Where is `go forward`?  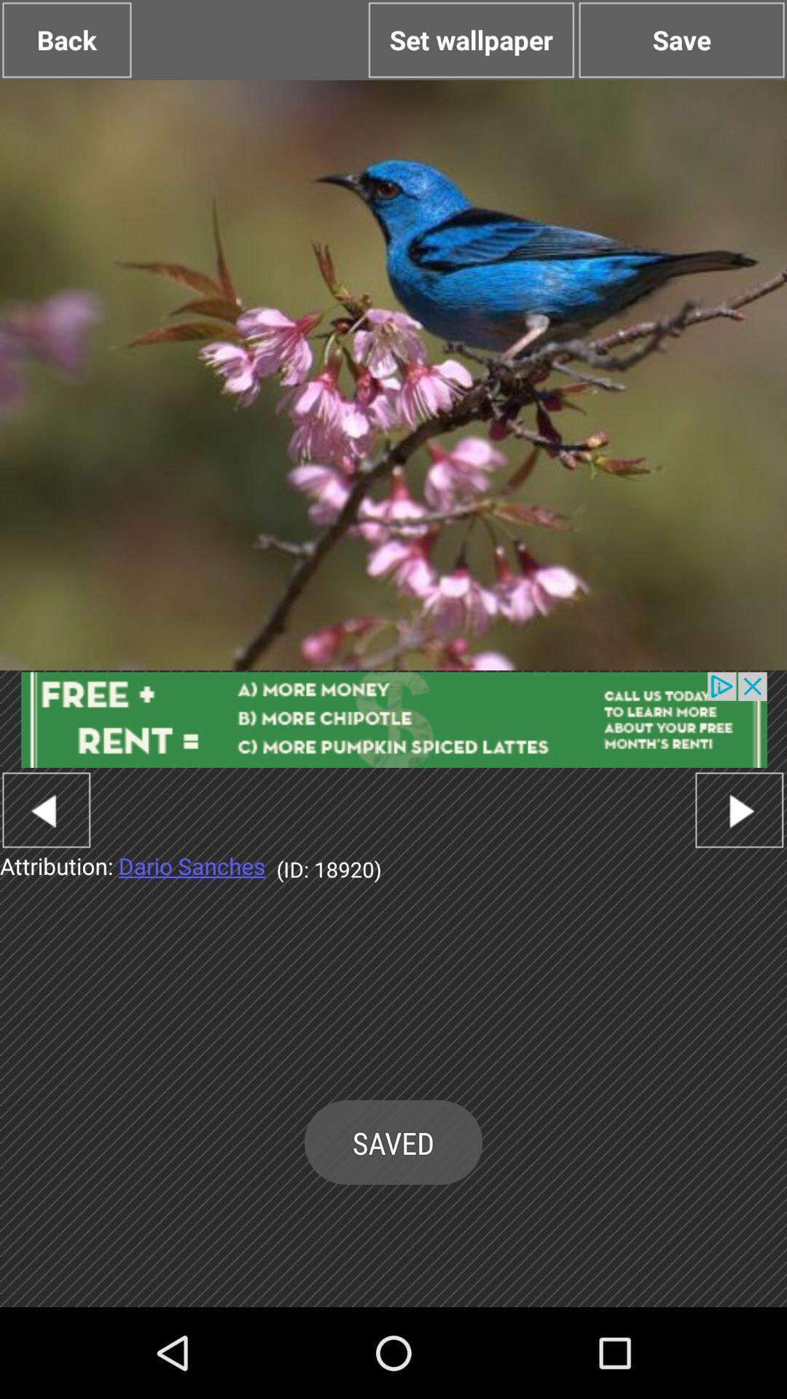
go forward is located at coordinates (739, 809).